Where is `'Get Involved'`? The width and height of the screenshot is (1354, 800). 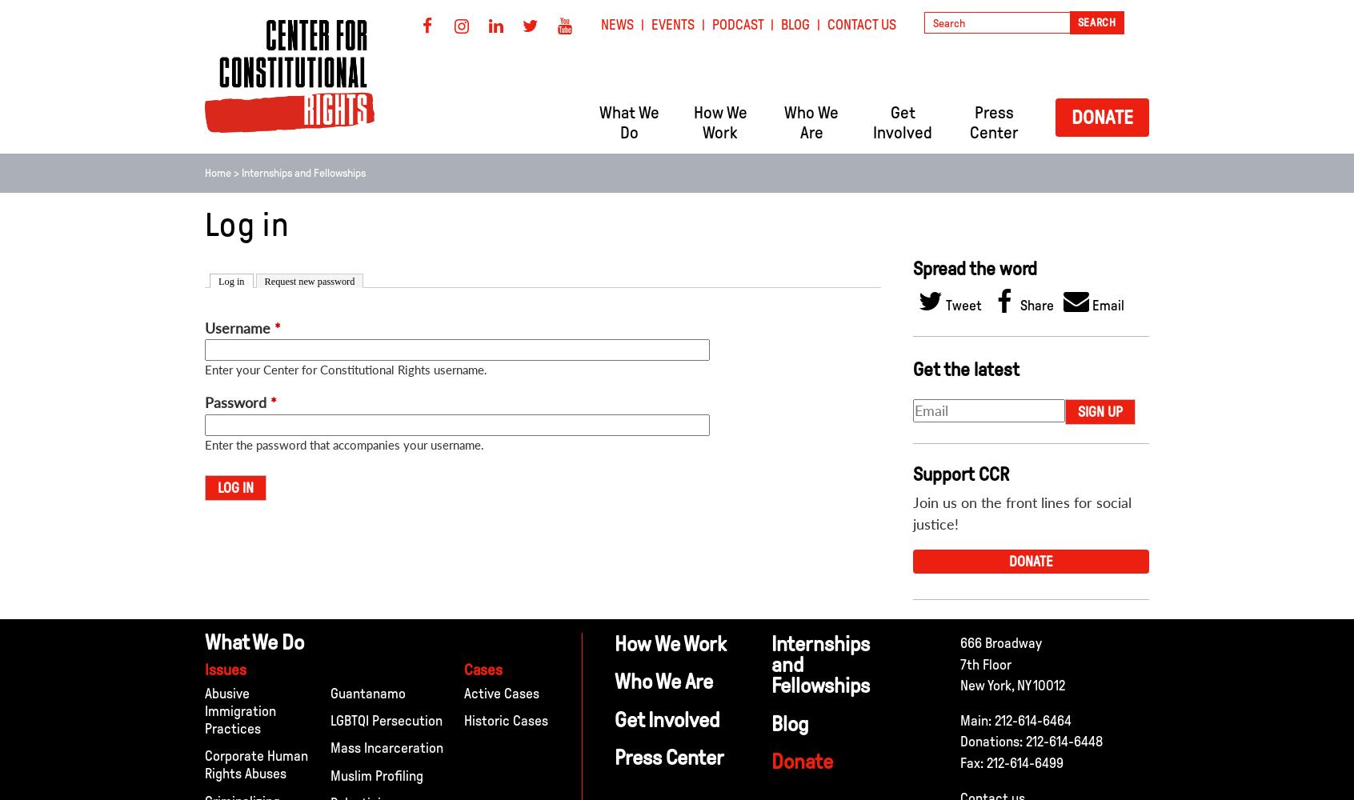 'Get Involved' is located at coordinates (667, 719).